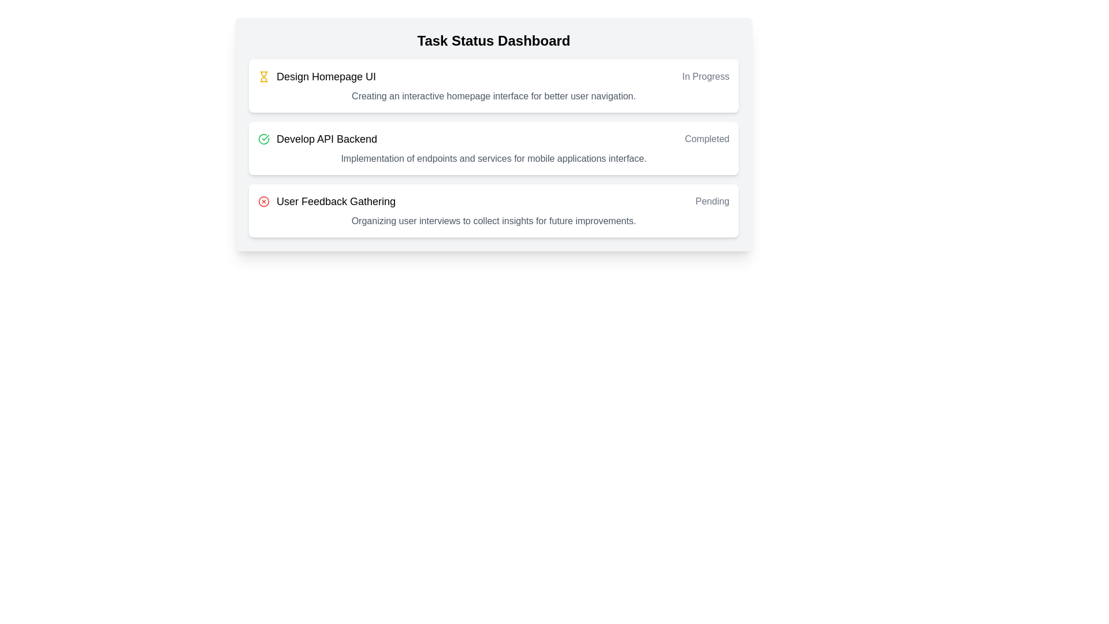 The height and width of the screenshot is (624, 1109). Describe the element at coordinates (712, 200) in the screenshot. I see `the status label indicating task progress located in the lower-most task card, adjacent to 'User Feedback Gathering'` at that location.